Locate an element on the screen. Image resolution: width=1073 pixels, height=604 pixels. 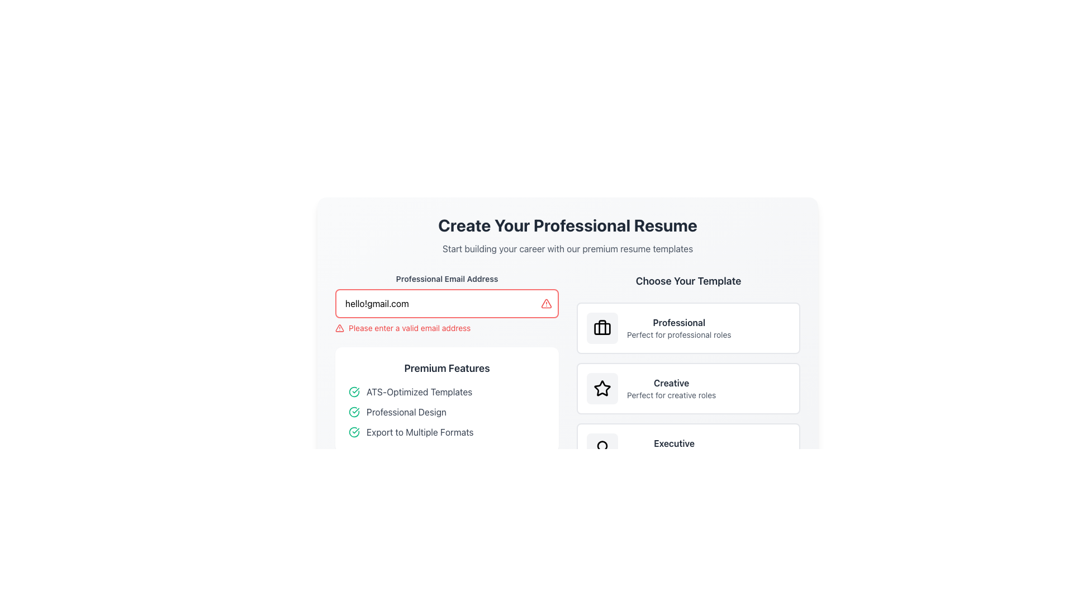
the Information Section located in the left column below the email entry section, highlighting premium features of the application is located at coordinates (447, 374).